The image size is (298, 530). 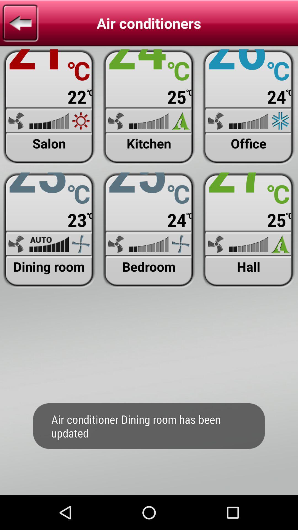 What do you see at coordinates (249, 230) in the screenshot?
I see `air condtioning adjustment for hallway` at bounding box center [249, 230].